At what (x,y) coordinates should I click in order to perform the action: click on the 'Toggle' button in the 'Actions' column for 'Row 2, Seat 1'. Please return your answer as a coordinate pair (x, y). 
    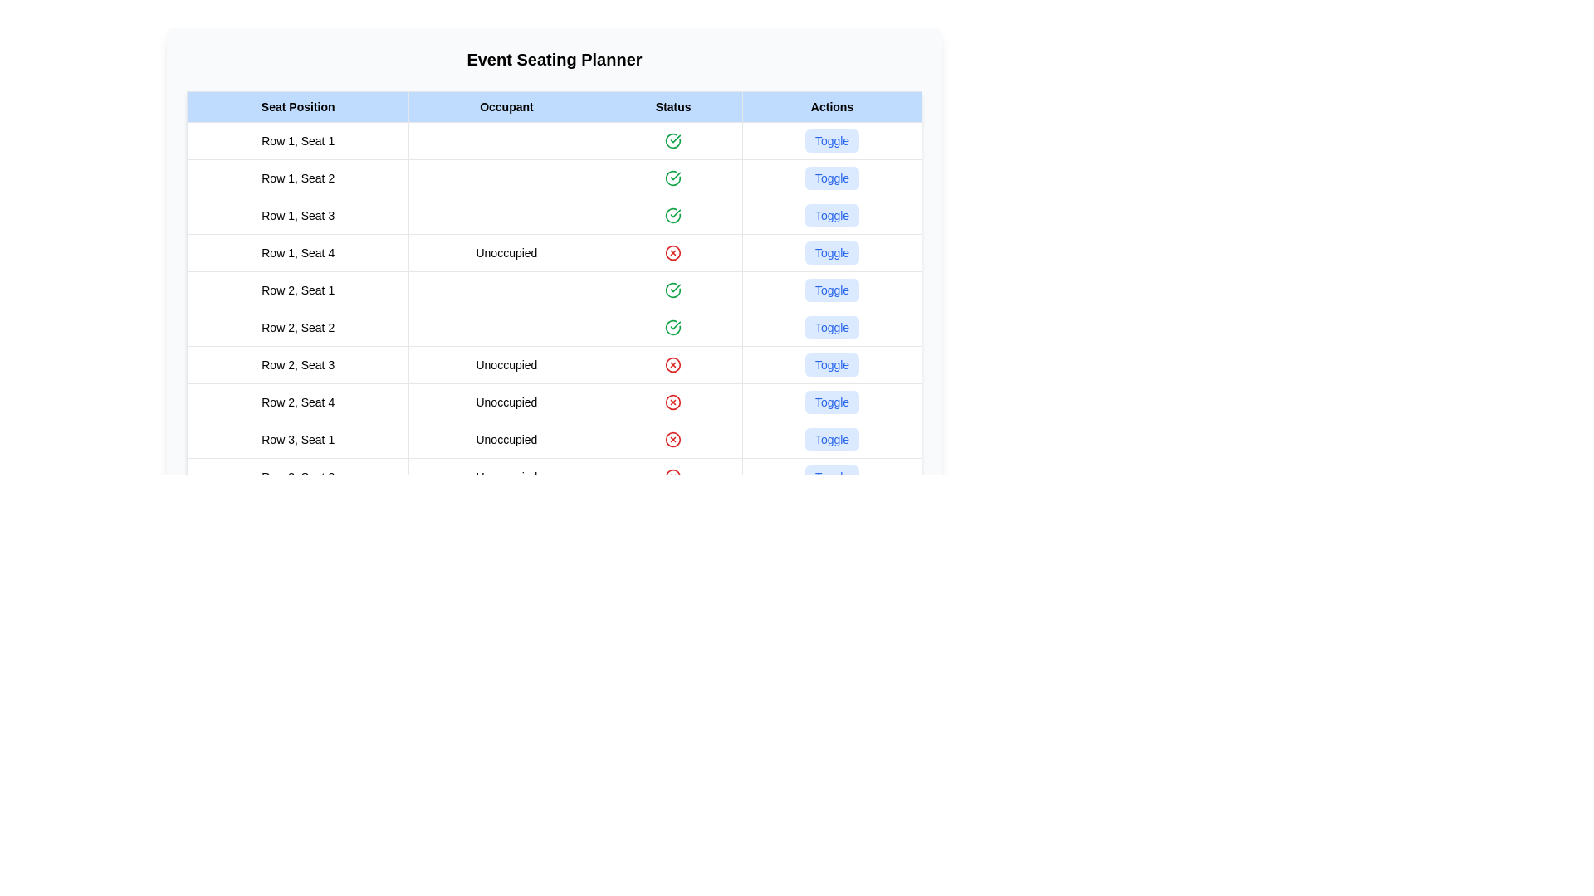
    Looking at the image, I should click on (832, 290).